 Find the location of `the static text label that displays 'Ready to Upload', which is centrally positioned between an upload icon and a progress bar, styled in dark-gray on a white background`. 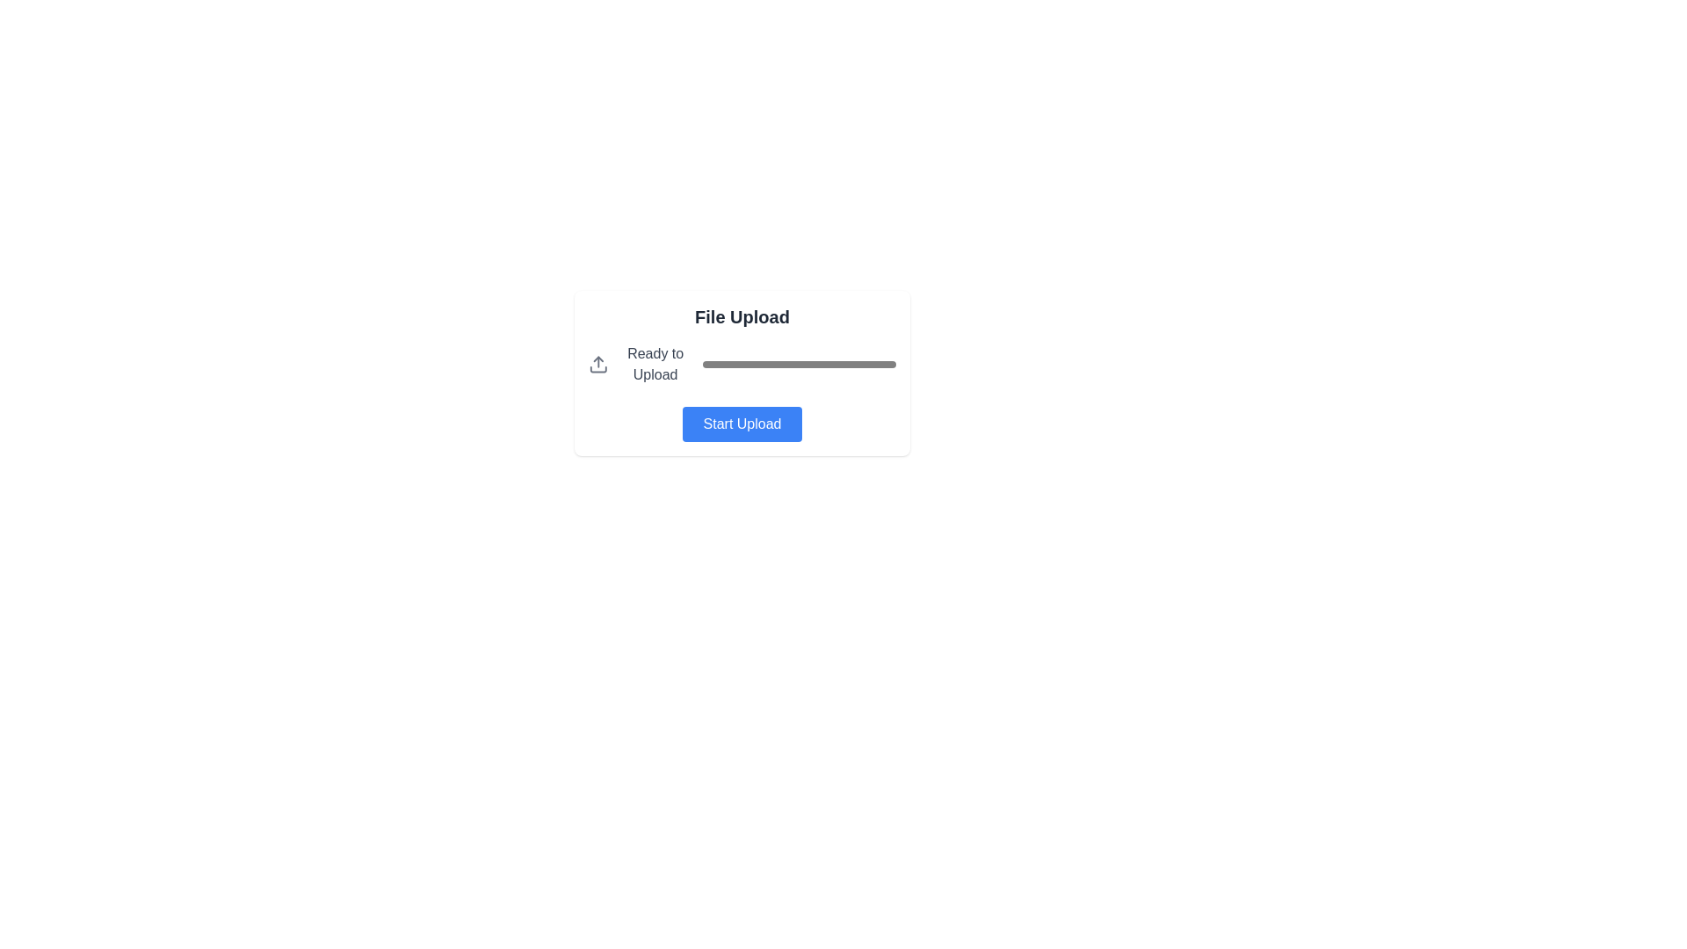

the static text label that displays 'Ready to Upload', which is centrally positioned between an upload icon and a progress bar, styled in dark-gray on a white background is located at coordinates (655, 364).